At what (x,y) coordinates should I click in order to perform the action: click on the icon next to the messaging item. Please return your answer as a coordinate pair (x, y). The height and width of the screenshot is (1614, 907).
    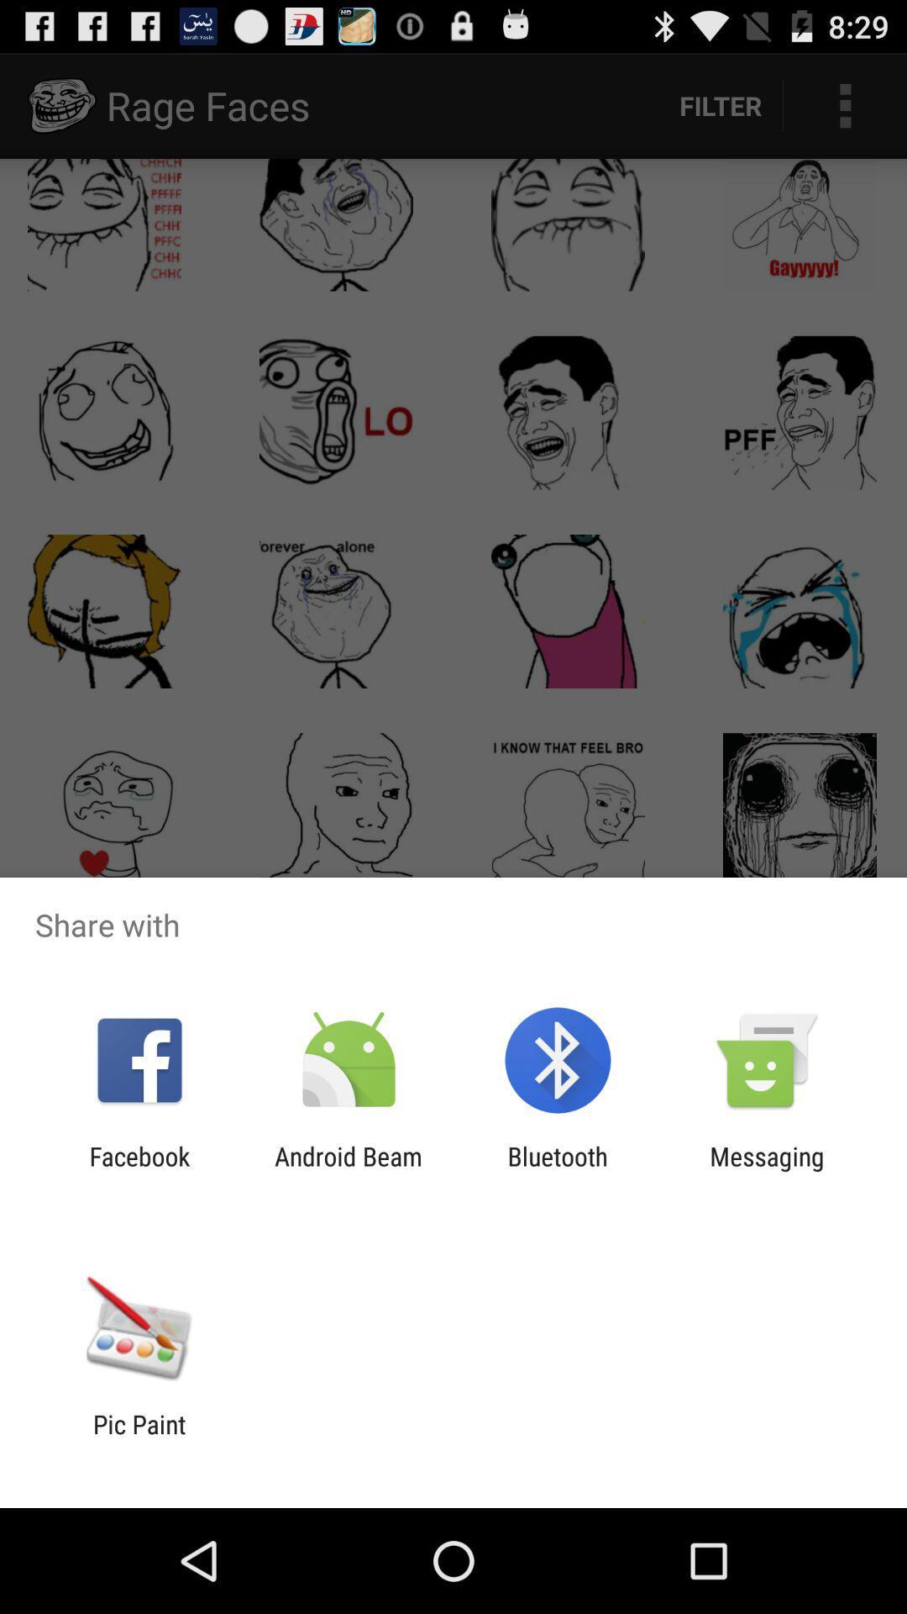
    Looking at the image, I should click on (558, 1170).